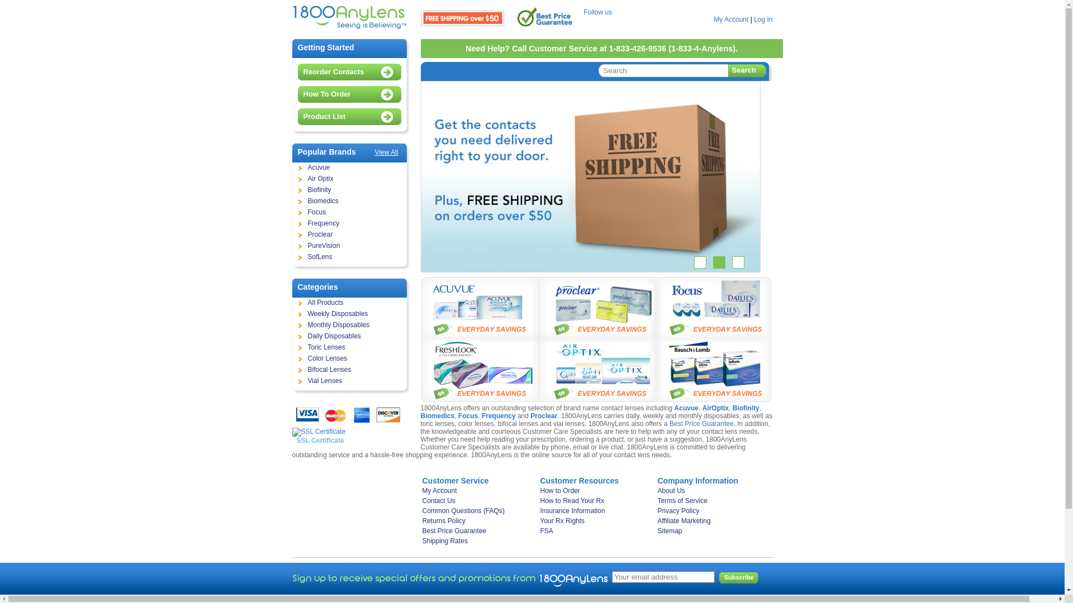 The height and width of the screenshot is (603, 1073). What do you see at coordinates (421, 540) in the screenshot?
I see `'Shipping Rates'` at bounding box center [421, 540].